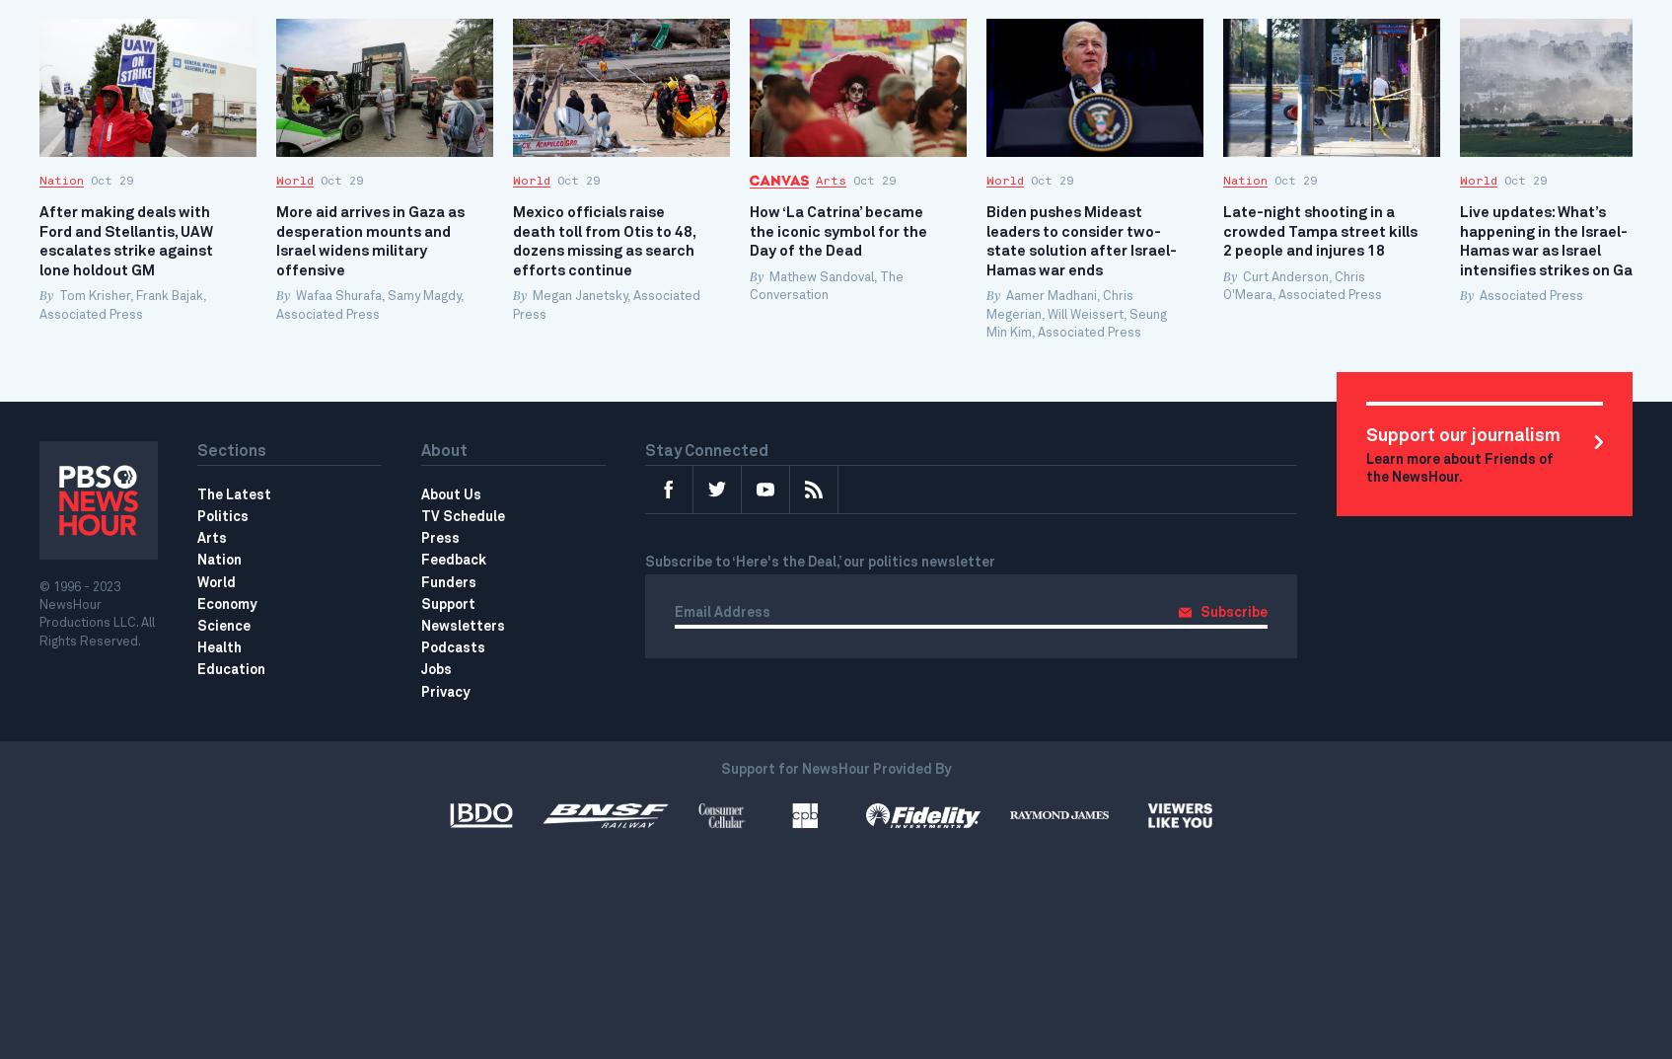  I want to click on 'Aamer Madhani, Chris Megerian, Will Weissert, Seung Min Kim, Associated Press', so click(1076, 314).